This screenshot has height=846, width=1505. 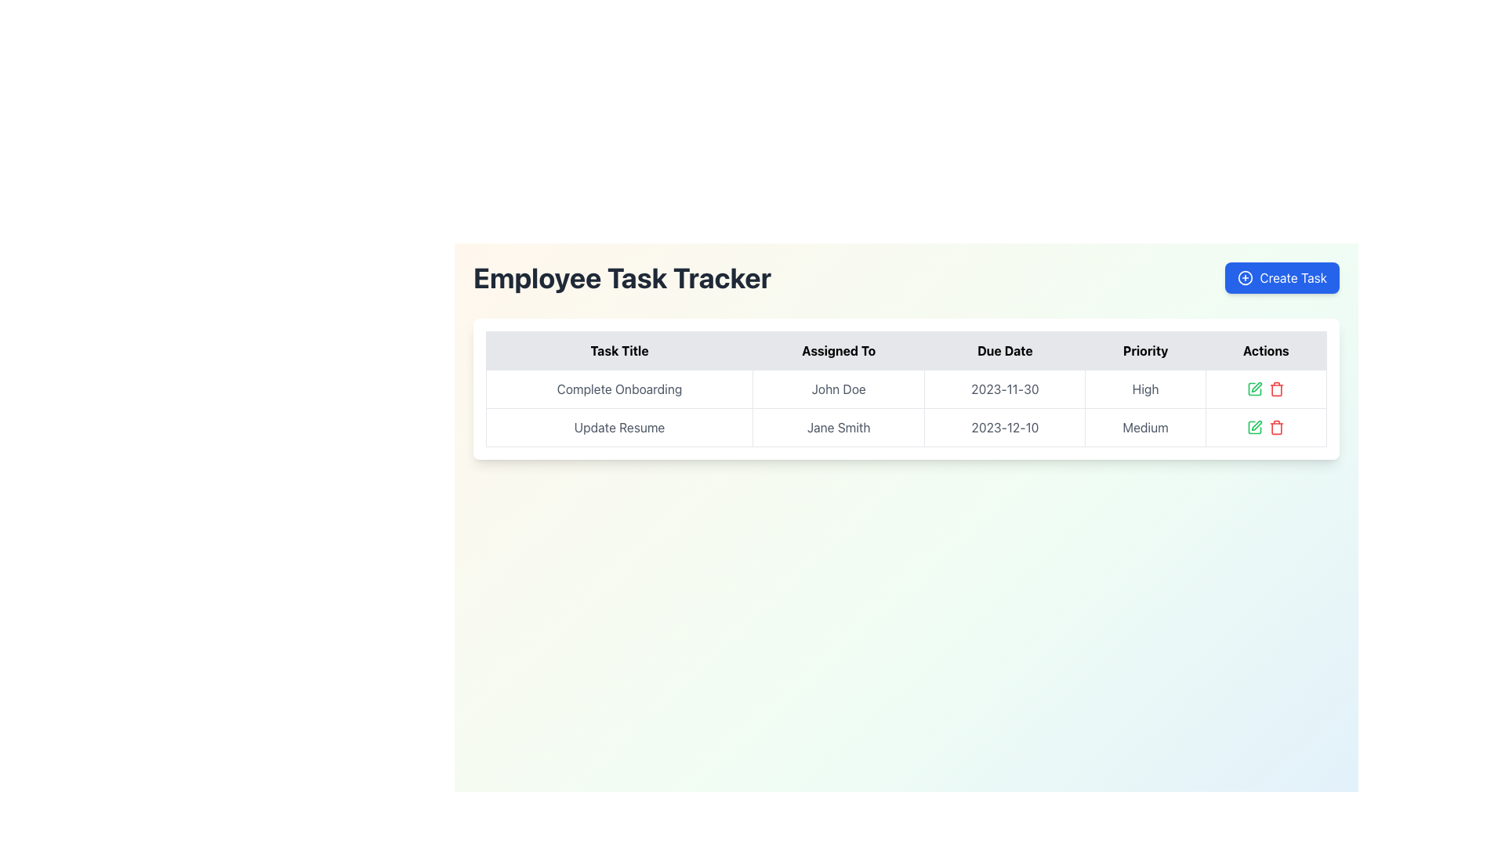 What do you see at coordinates (1277, 428) in the screenshot?
I see `the red trashcan icon button located in the 'Actions' column of the table` at bounding box center [1277, 428].